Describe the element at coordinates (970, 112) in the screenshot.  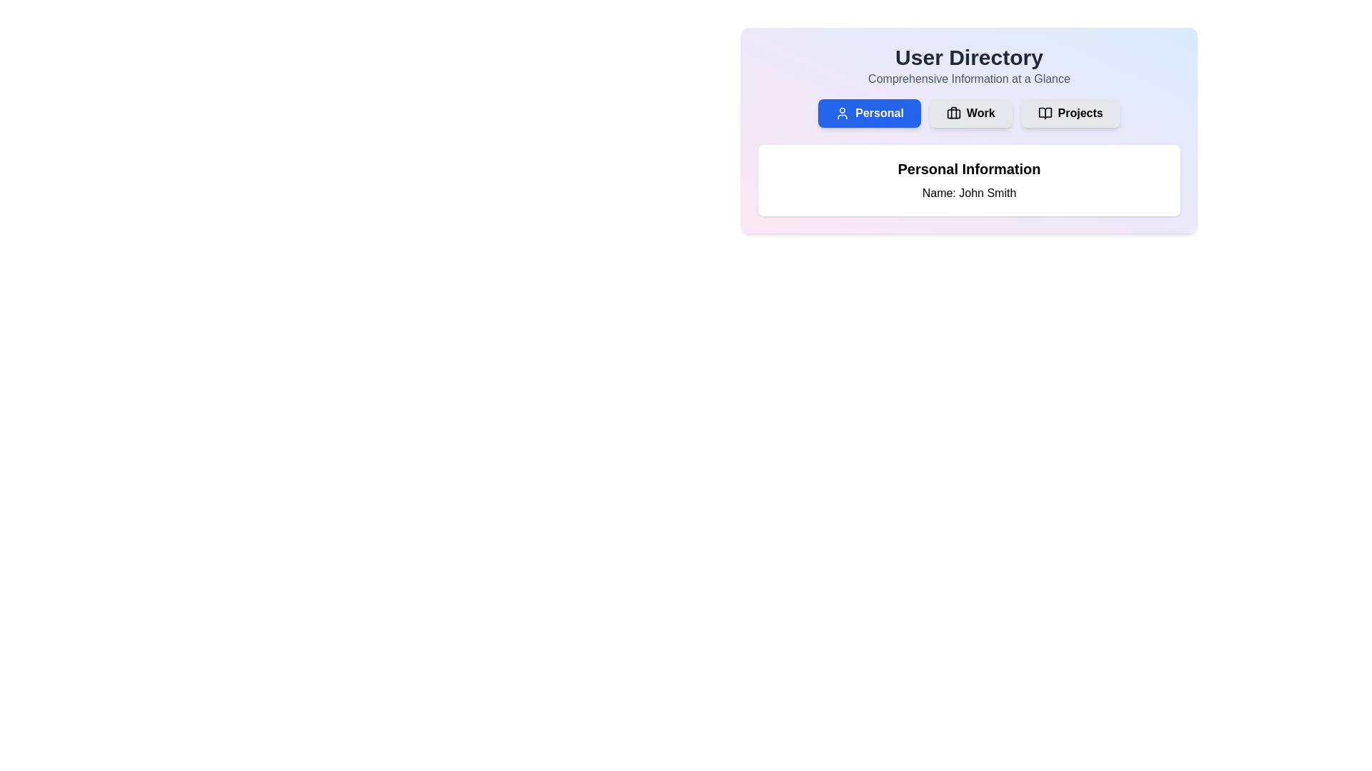
I see `the 'Work' navigation button located in the middle of three horizontally aligned buttons at the top of the 'User Directory' section` at that location.